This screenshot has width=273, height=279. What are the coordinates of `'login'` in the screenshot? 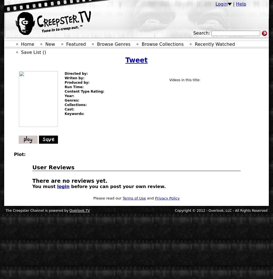 It's located at (63, 186).